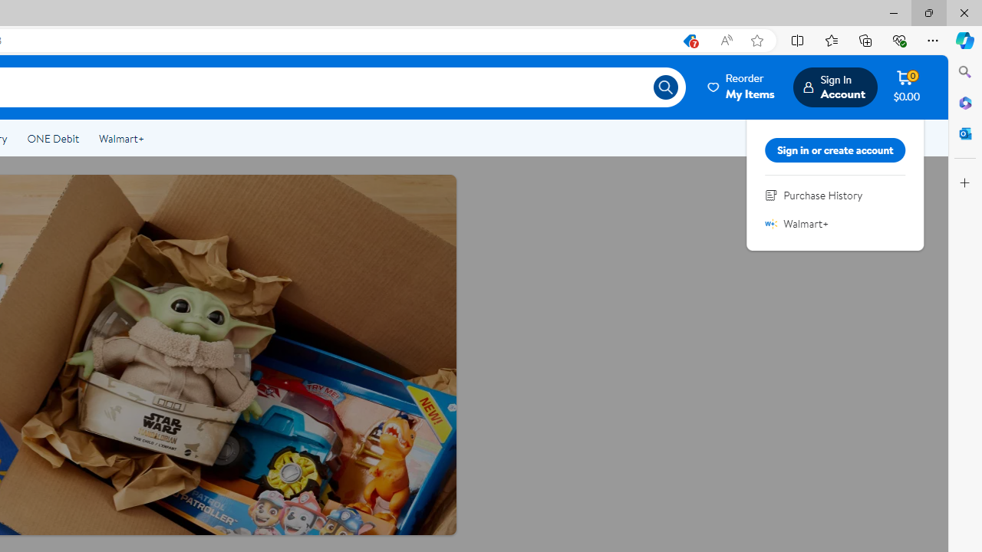  What do you see at coordinates (742, 87) in the screenshot?
I see `'ReorderMy Items'` at bounding box center [742, 87].